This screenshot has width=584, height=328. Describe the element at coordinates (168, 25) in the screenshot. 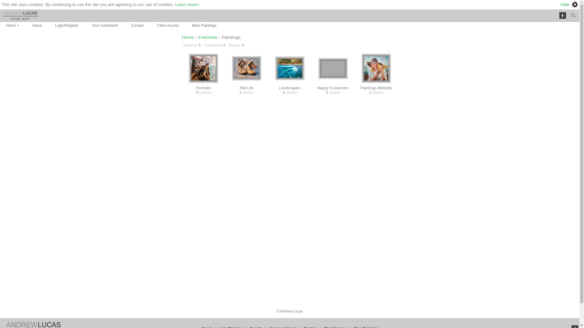

I see `'Client Access'` at that location.